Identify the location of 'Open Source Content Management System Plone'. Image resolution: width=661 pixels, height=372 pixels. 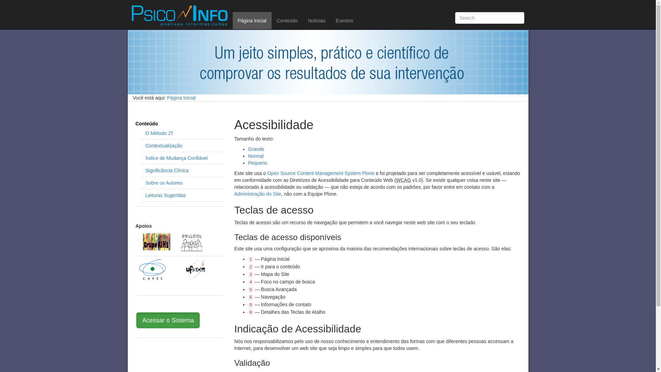
(320, 173).